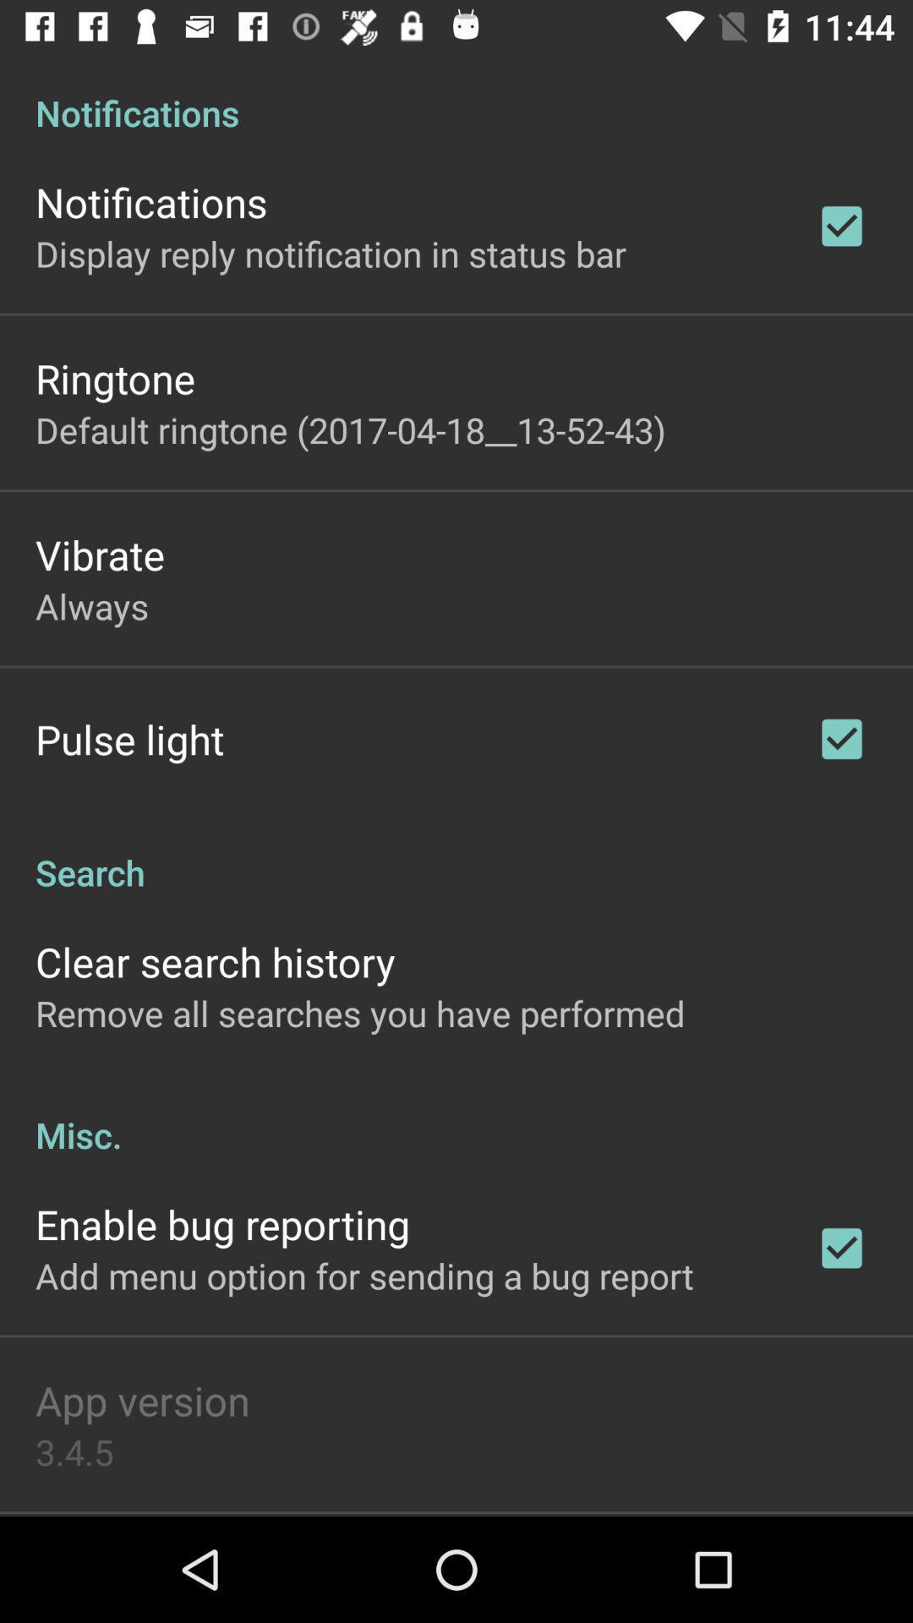 The width and height of the screenshot is (913, 1623). What do you see at coordinates (100, 555) in the screenshot?
I see `the item above the always item` at bounding box center [100, 555].